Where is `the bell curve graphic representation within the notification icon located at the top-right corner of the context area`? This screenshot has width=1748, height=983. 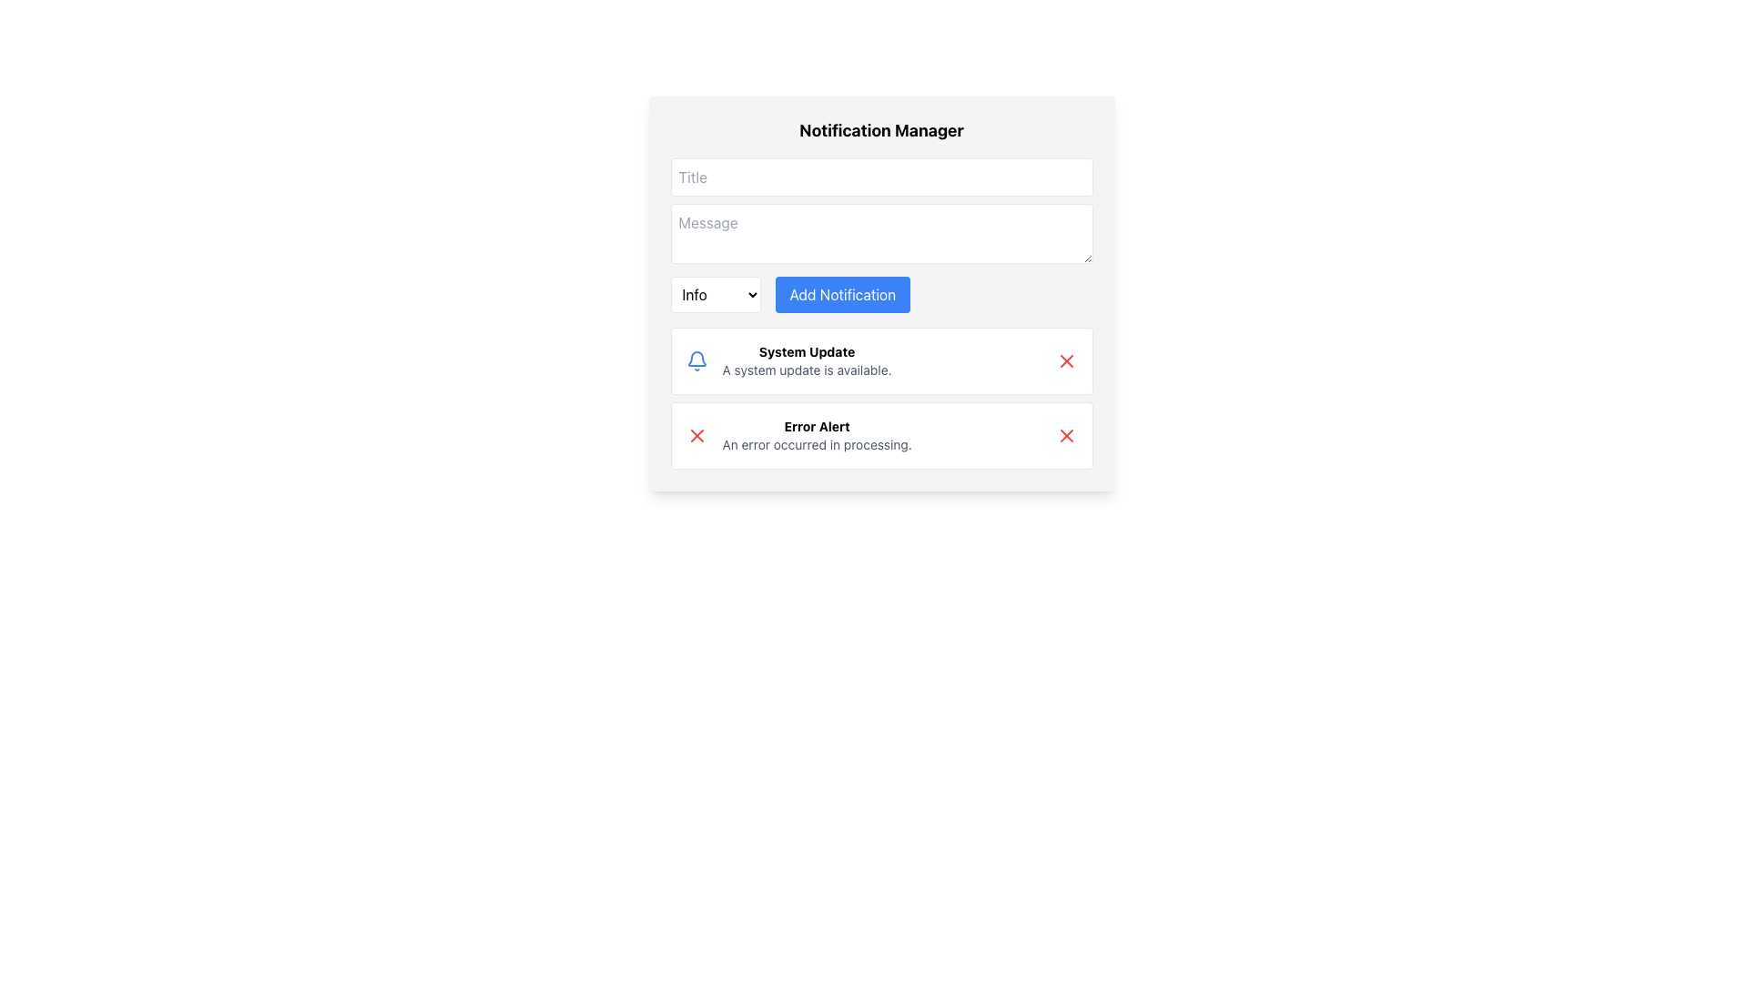 the bell curve graphic representation within the notification icon located at the top-right corner of the context area is located at coordinates (696, 359).